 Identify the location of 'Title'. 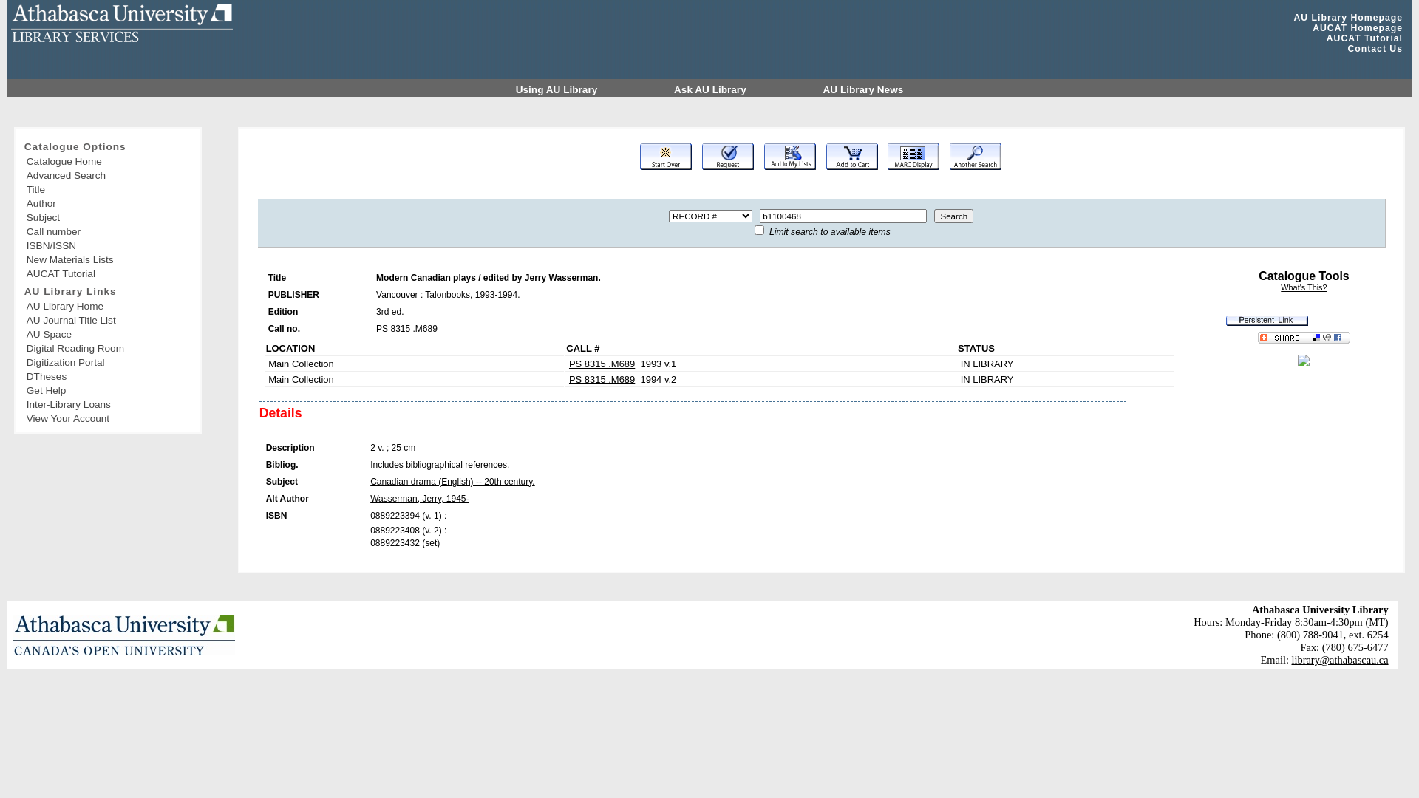
(108, 188).